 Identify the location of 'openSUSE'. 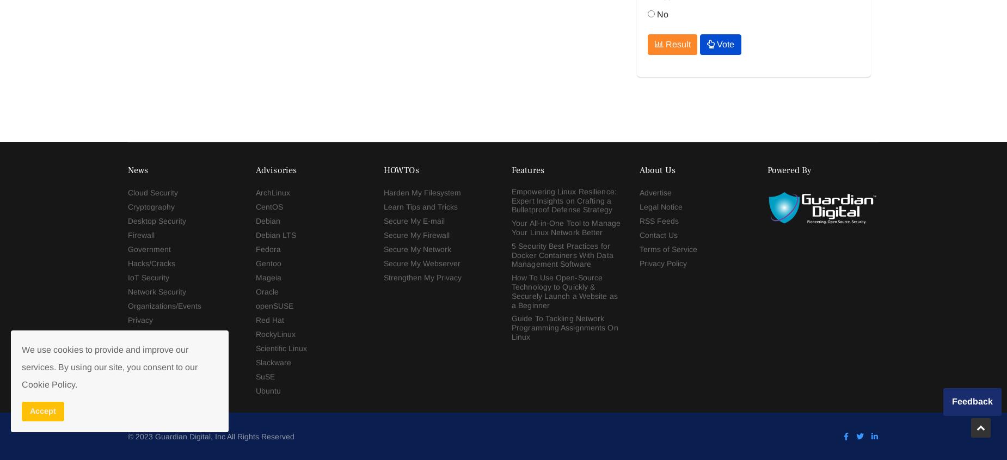
(274, 30).